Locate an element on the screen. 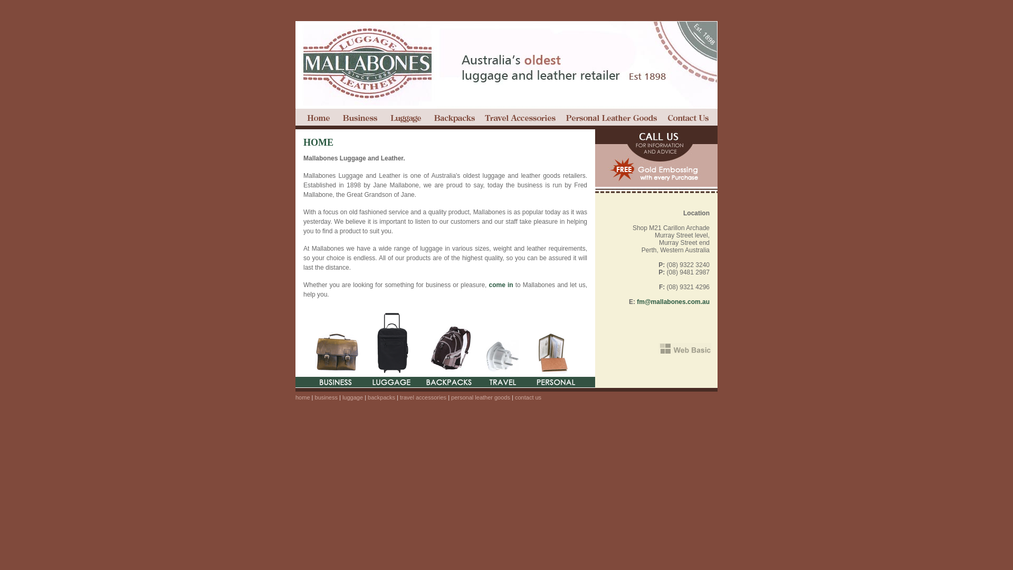  'travel accessories' is located at coordinates (423, 397).